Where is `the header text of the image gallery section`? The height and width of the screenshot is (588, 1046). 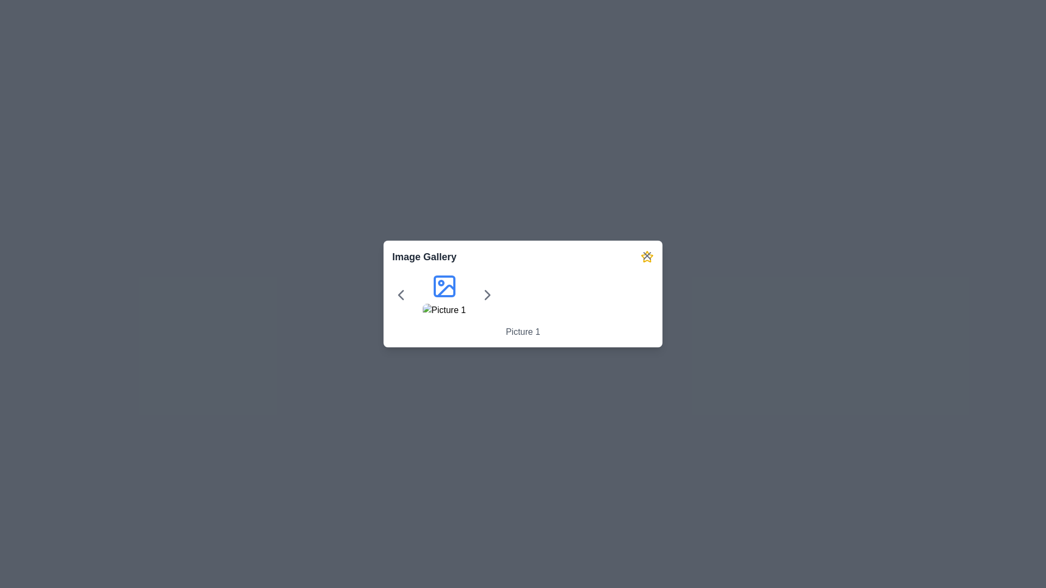 the header text of the image gallery section is located at coordinates (523, 256).